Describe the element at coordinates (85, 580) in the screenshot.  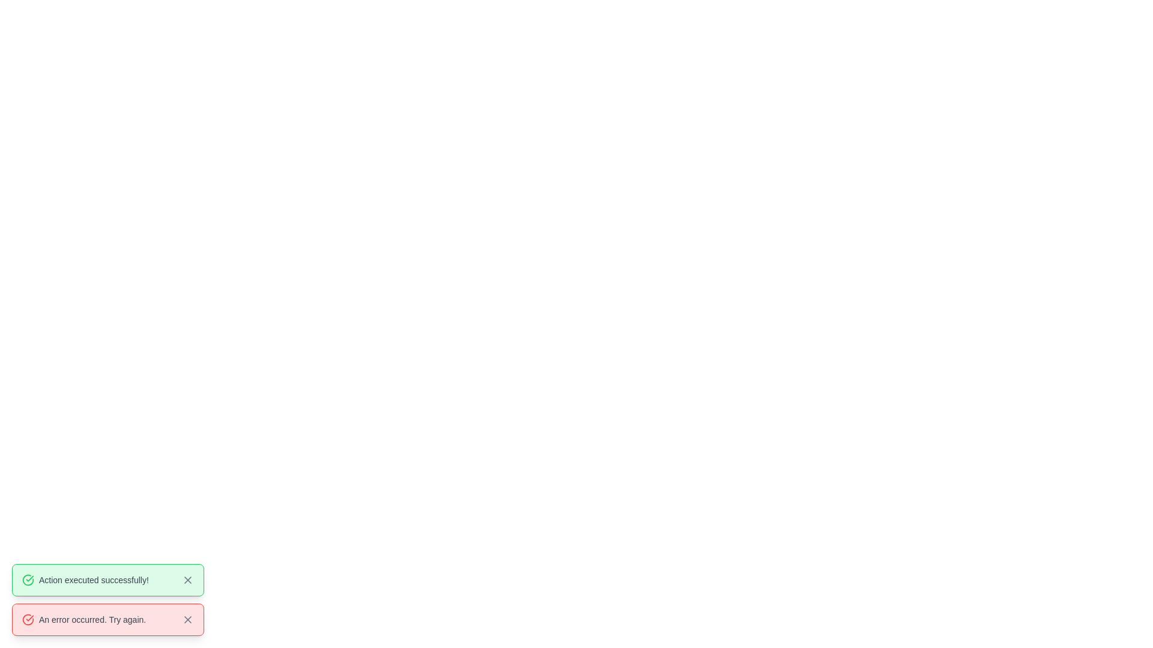
I see `the static confirmation message located within the success notification box at the top-left, adjacent to the green checkmark icon` at that location.